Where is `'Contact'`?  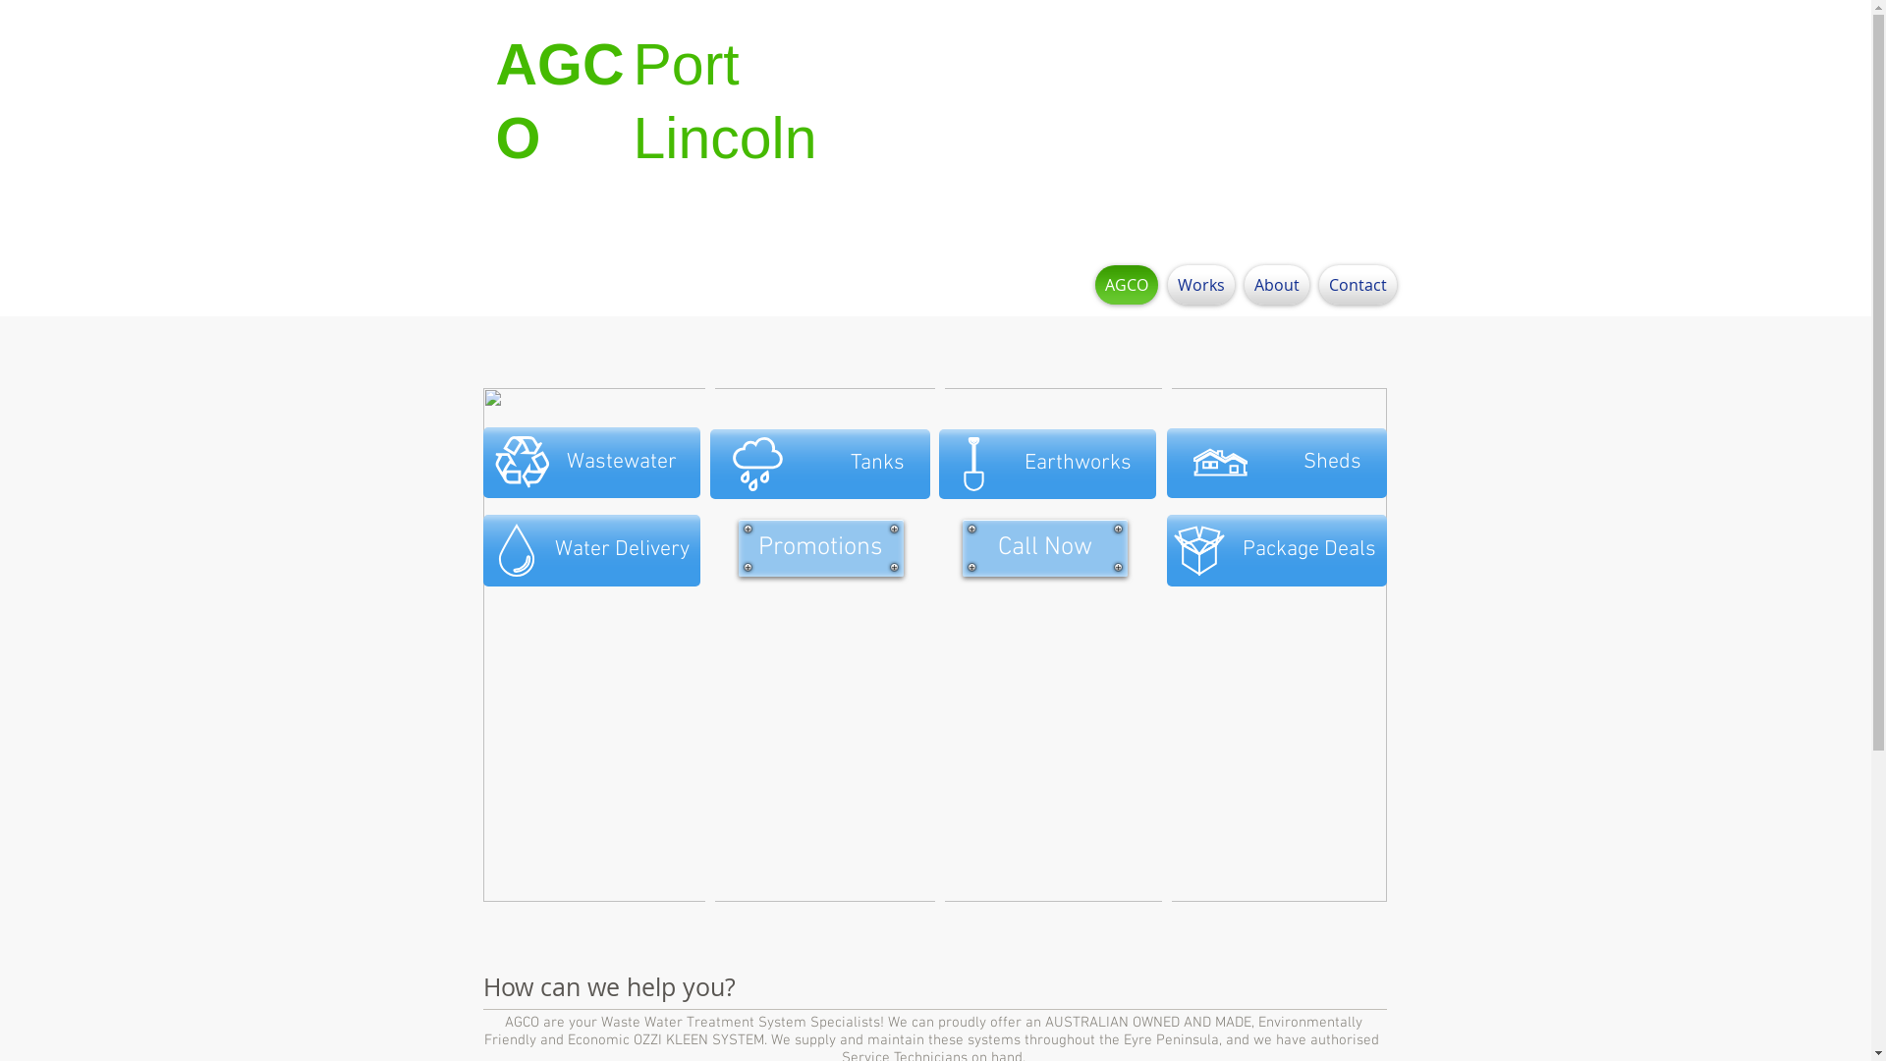 'Contact' is located at coordinates (1355, 284).